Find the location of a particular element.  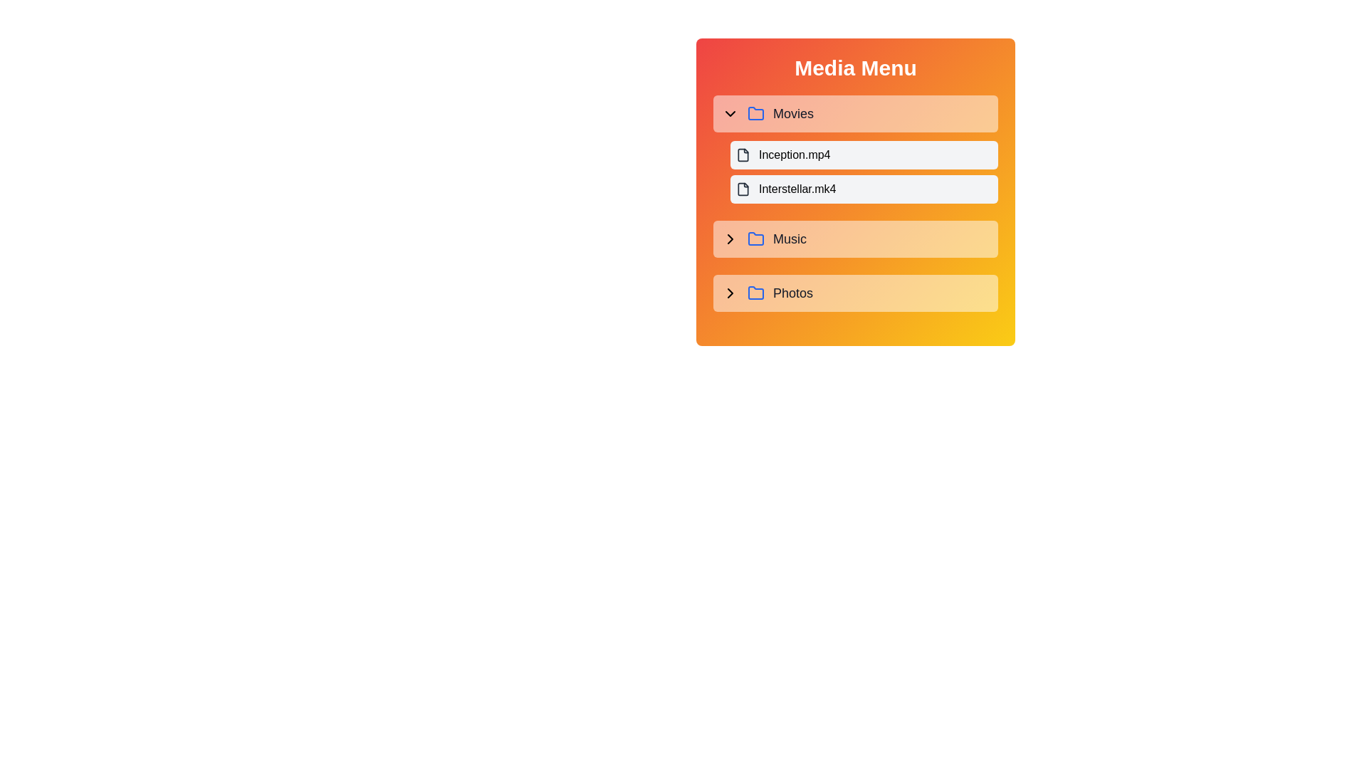

the rightward-pointing chevron symbol icon located next to the 'Music' folder label in the media menu is located at coordinates (730, 238).